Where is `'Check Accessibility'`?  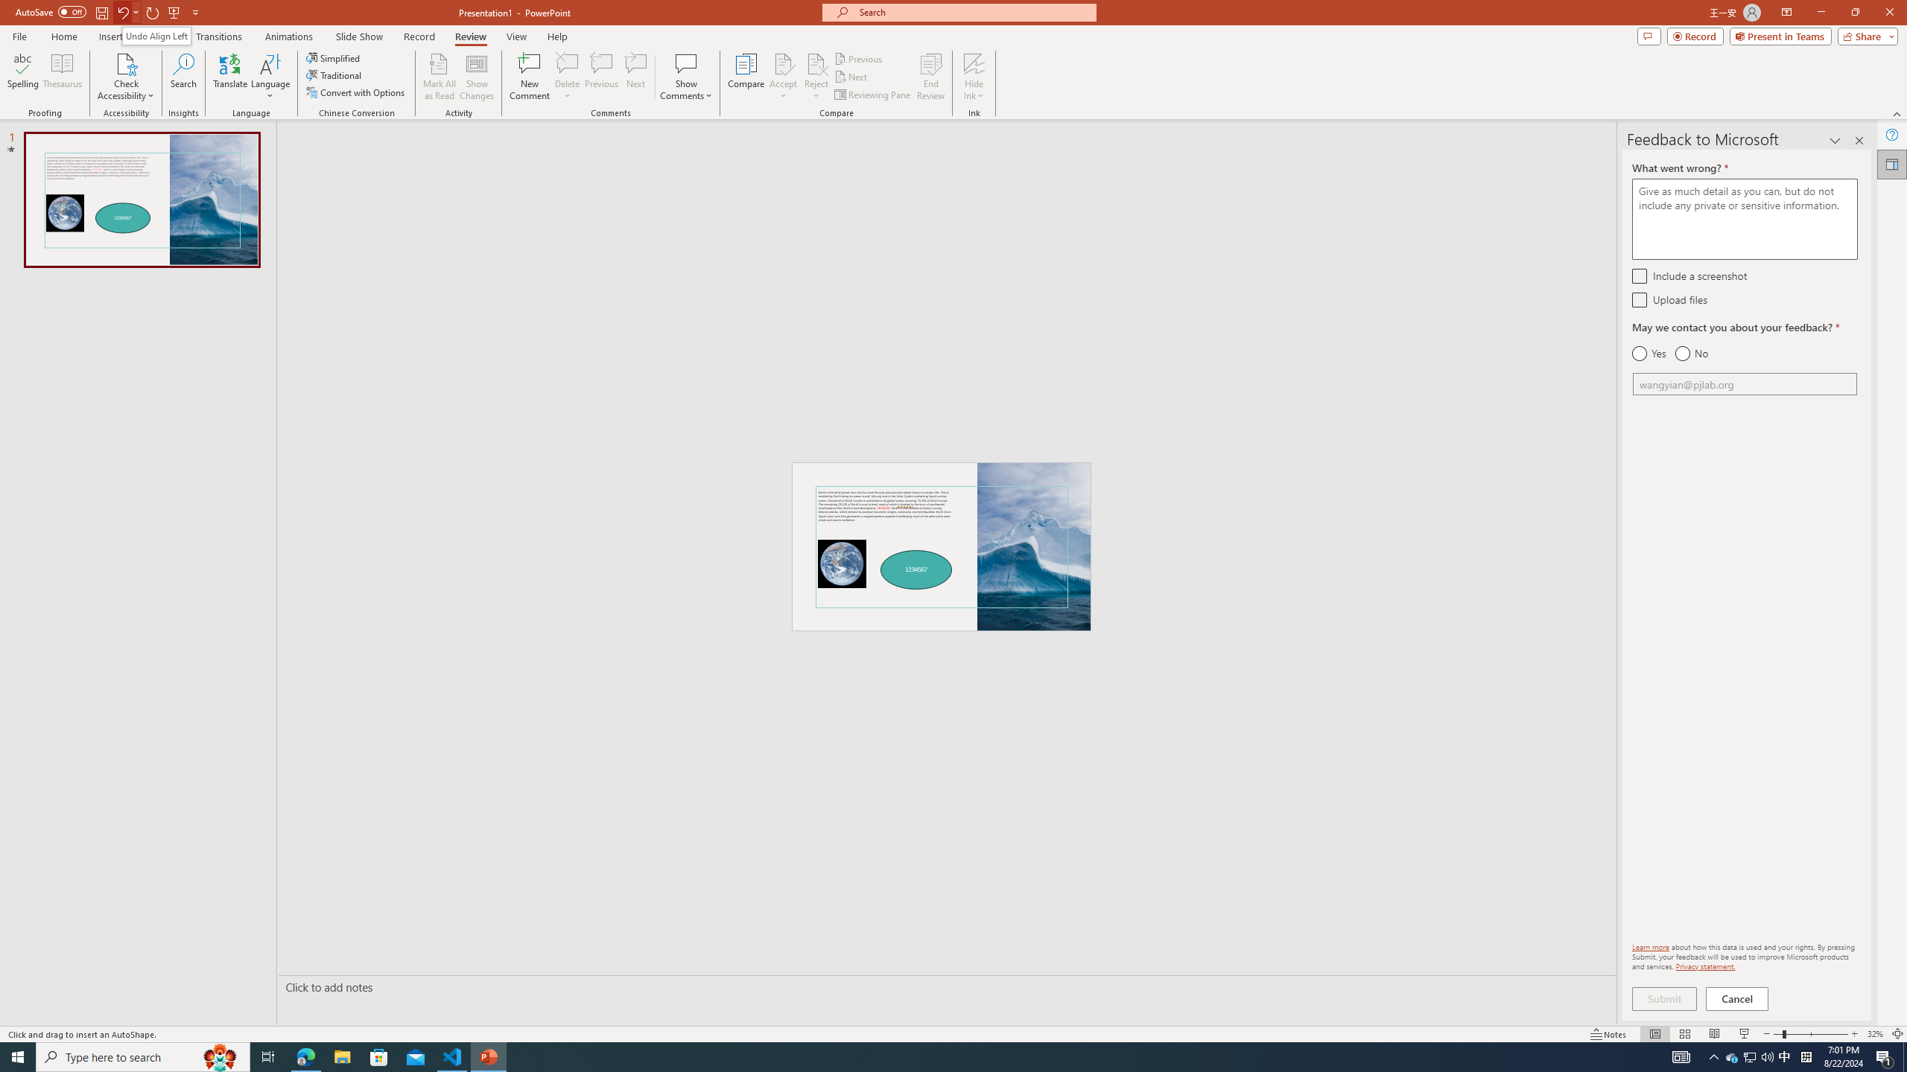
'Check Accessibility' is located at coordinates (124, 63).